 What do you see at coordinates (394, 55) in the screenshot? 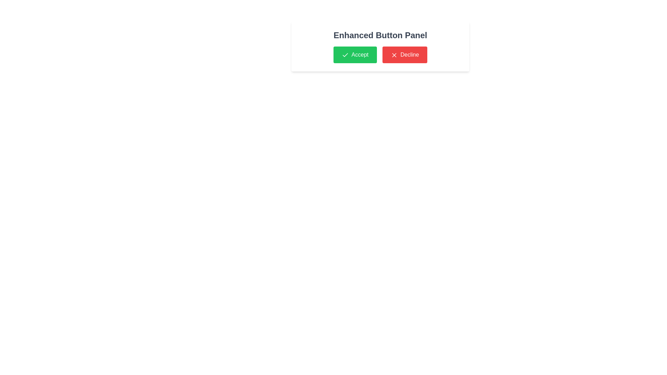
I see `the 'decline' icon located at the beginning of the 'Decline' button in the panel beneath 'Enhanced Button Panel'` at bounding box center [394, 55].